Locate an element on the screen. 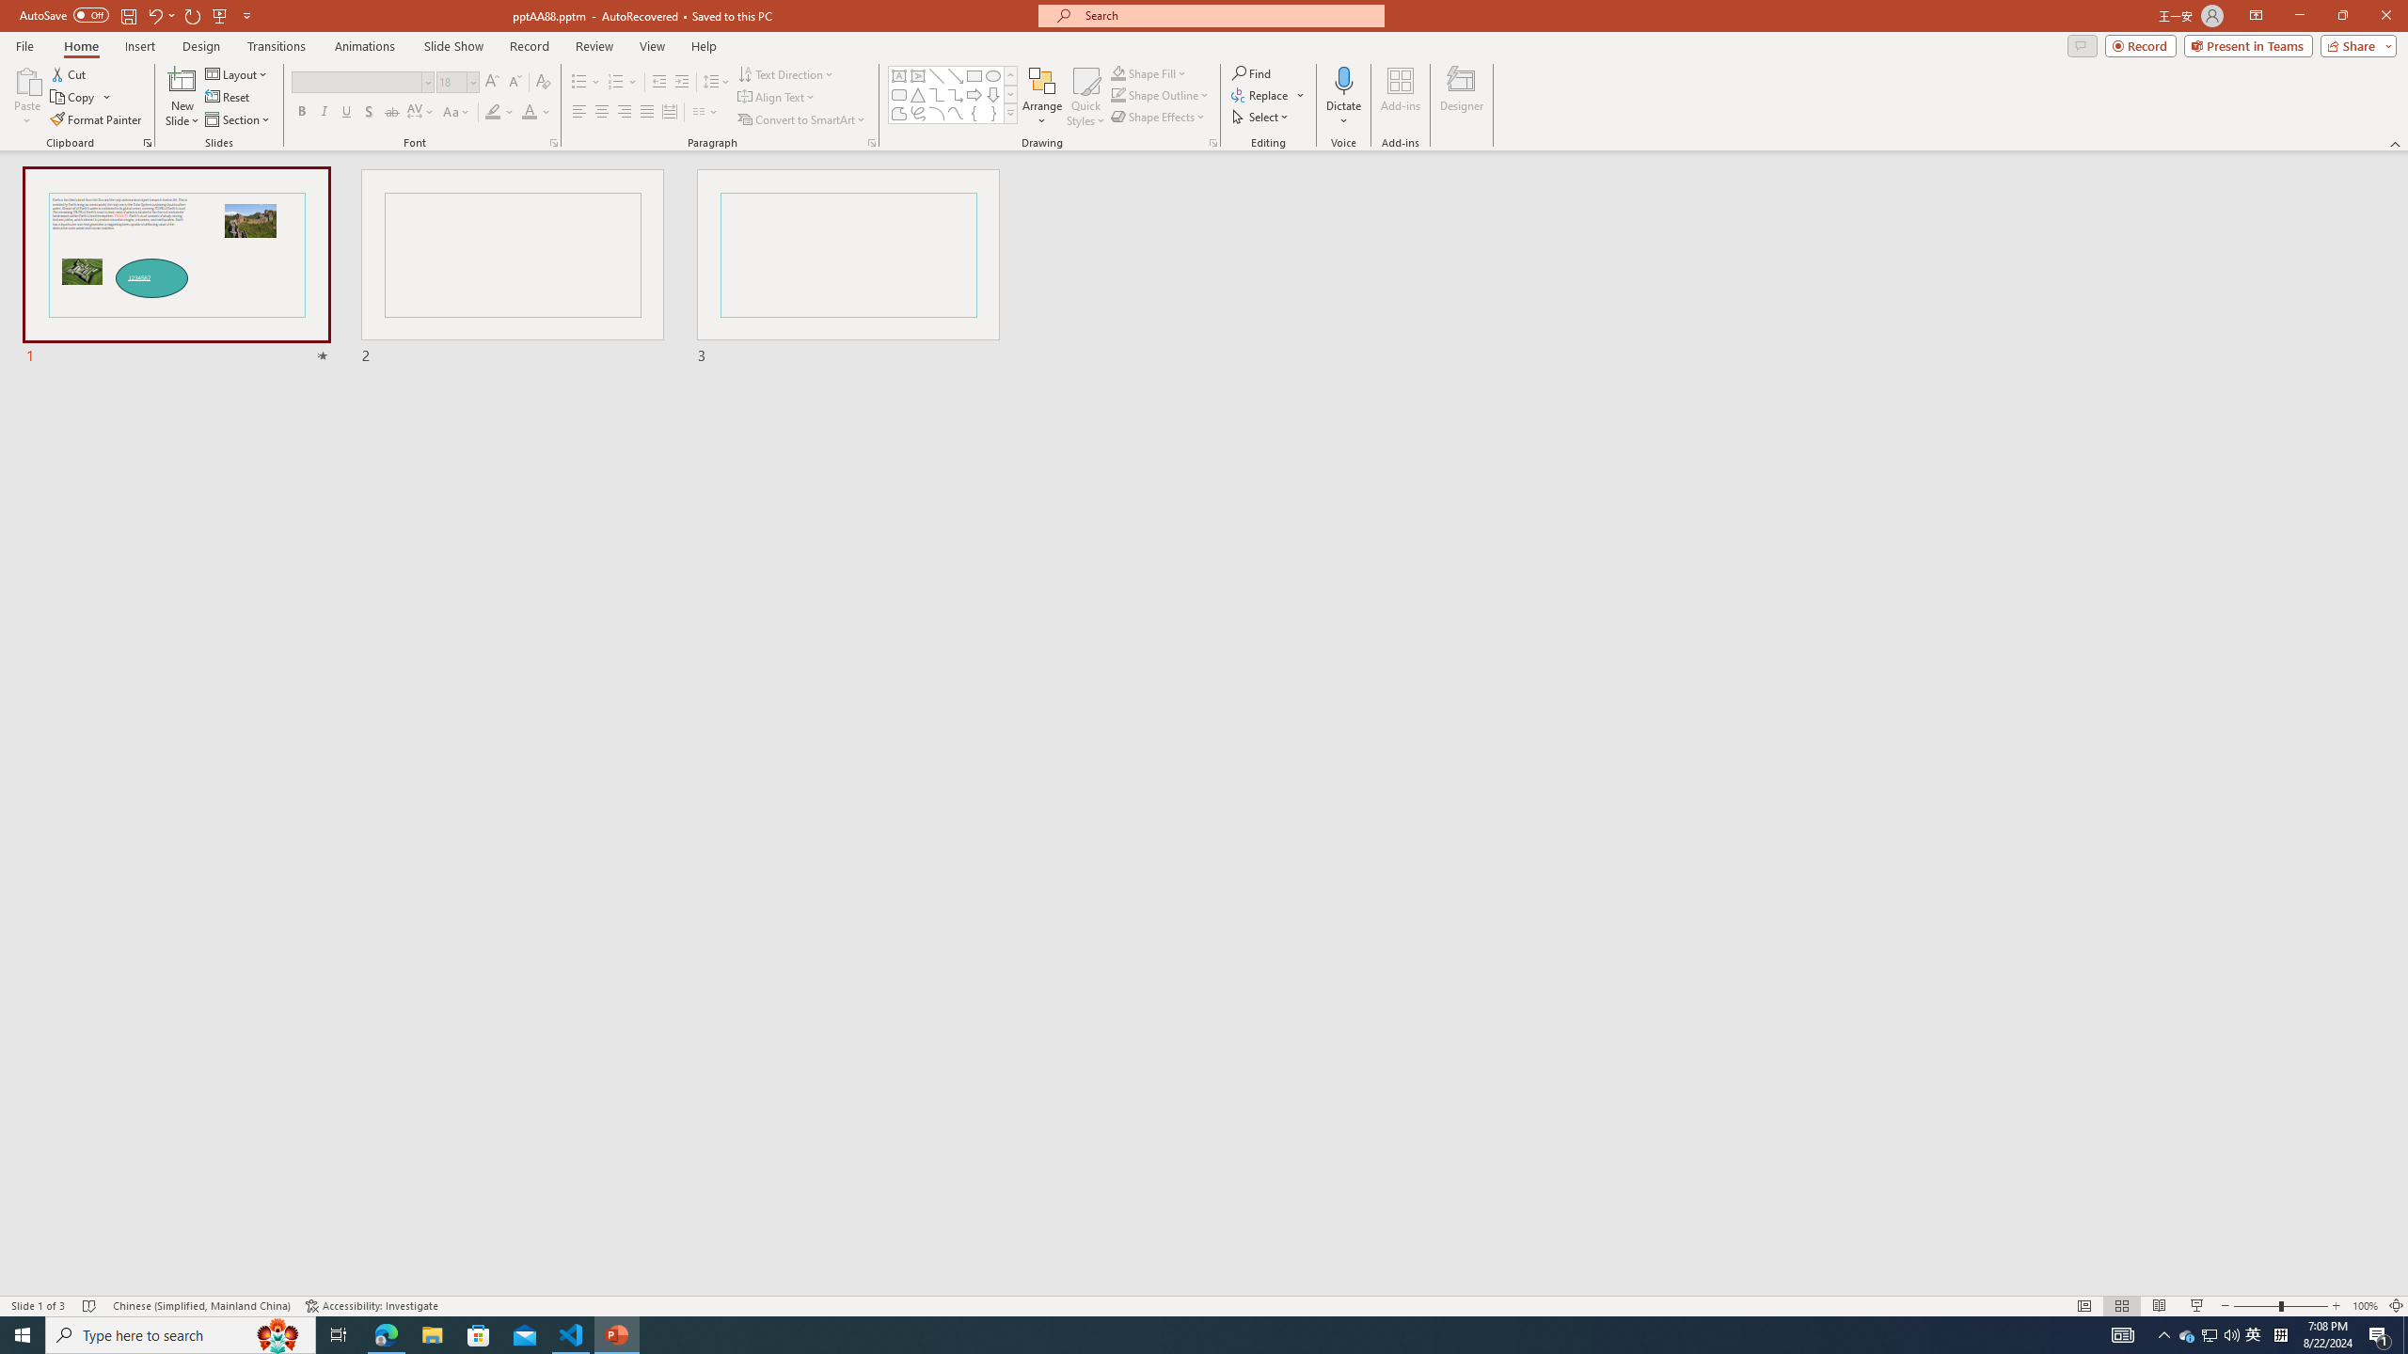  'Connector: Elbow' is located at coordinates (935, 93).